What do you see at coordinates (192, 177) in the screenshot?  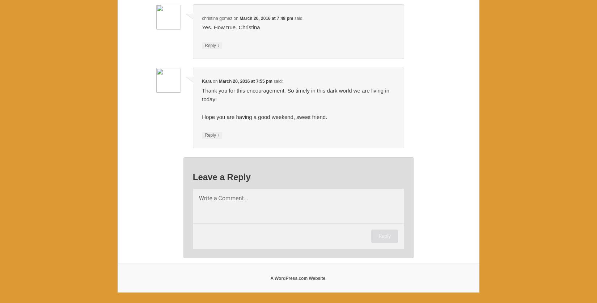 I see `'Leave a Reply'` at bounding box center [192, 177].